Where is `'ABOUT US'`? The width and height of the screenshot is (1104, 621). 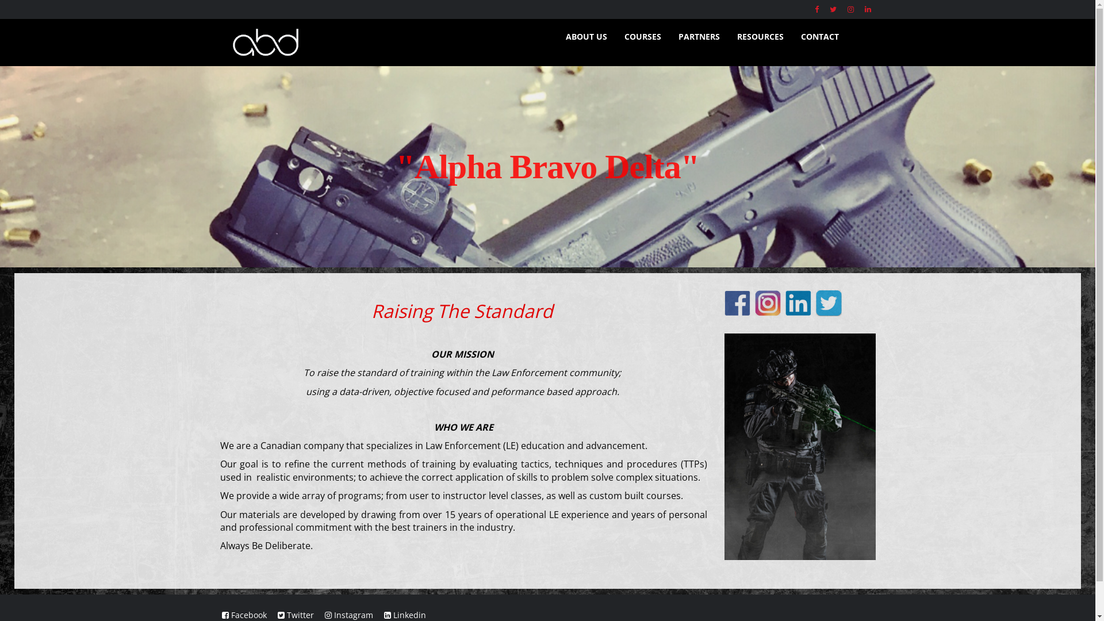
'ABOUT US' is located at coordinates (585, 36).